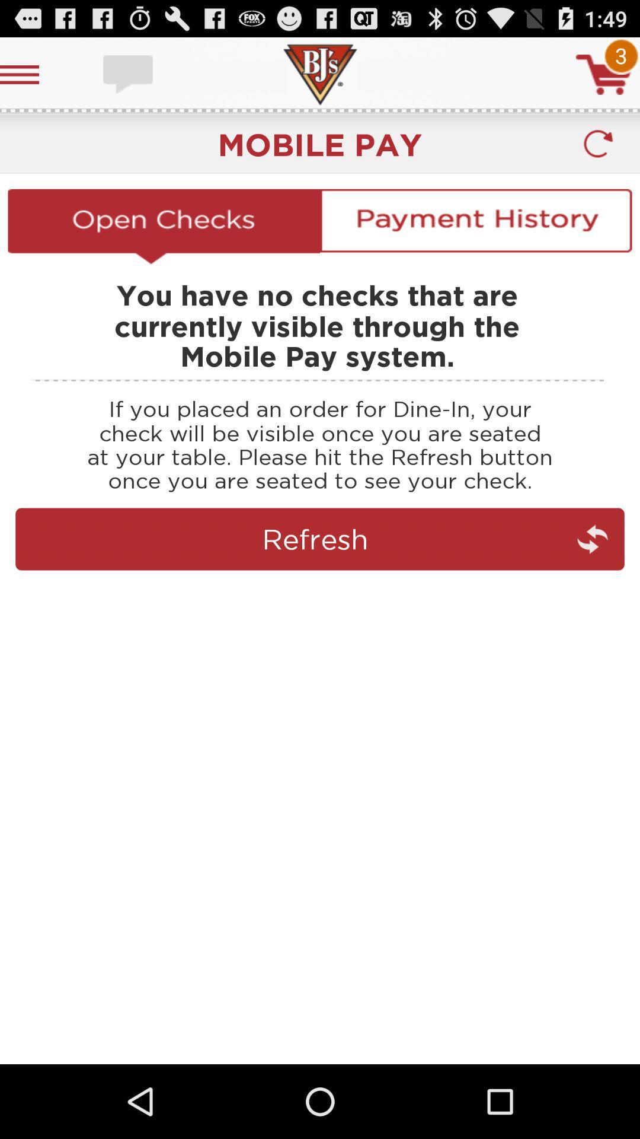 The height and width of the screenshot is (1139, 640). I want to click on refresh button, so click(598, 144).